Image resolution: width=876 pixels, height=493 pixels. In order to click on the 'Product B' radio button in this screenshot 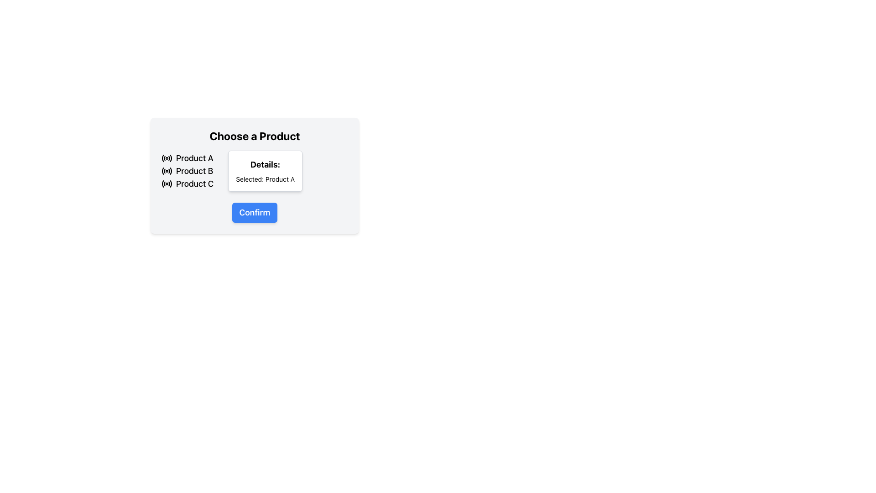, I will do `click(167, 171)`.